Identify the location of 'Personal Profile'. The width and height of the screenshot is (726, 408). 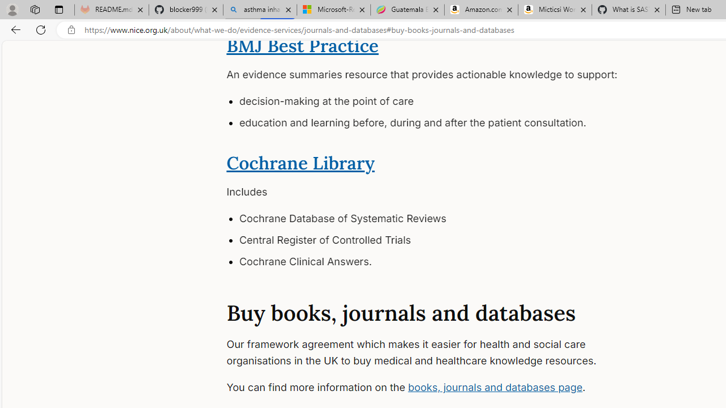
(12, 9).